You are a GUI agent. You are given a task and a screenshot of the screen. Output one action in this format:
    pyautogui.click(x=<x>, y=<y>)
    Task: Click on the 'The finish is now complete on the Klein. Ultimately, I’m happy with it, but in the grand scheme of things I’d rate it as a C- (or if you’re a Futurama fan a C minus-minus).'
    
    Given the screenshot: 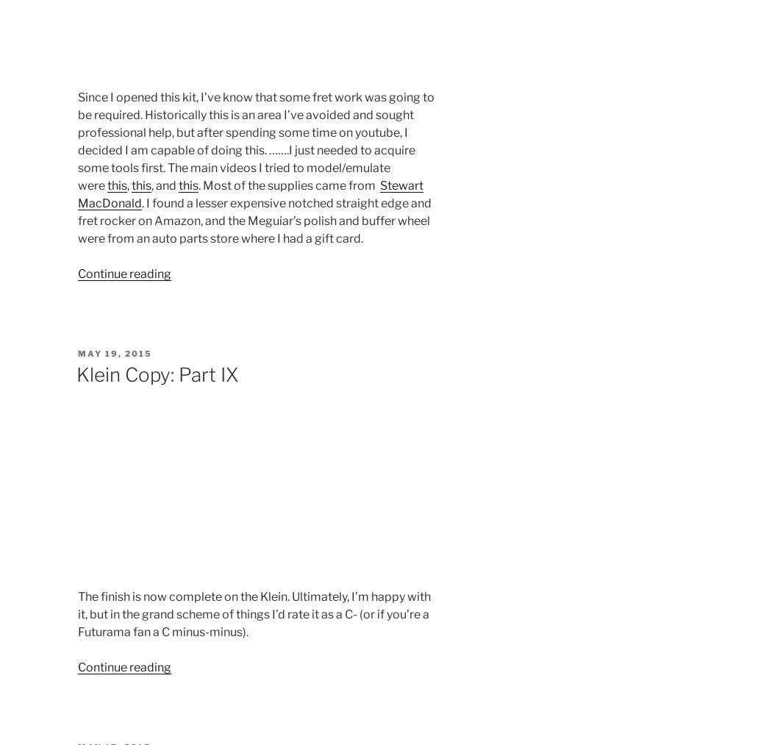 What is the action you would take?
    pyautogui.click(x=253, y=613)
    